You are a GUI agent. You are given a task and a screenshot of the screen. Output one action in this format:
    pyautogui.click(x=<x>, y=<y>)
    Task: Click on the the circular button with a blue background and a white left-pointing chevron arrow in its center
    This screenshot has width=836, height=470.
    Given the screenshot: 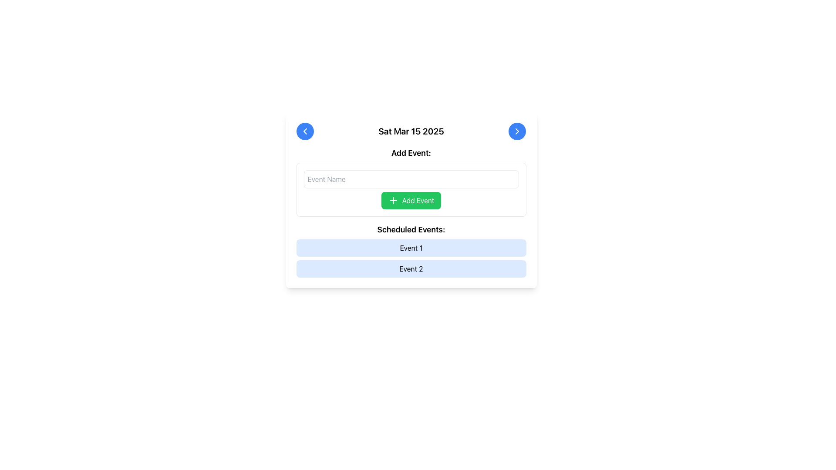 What is the action you would take?
    pyautogui.click(x=305, y=131)
    